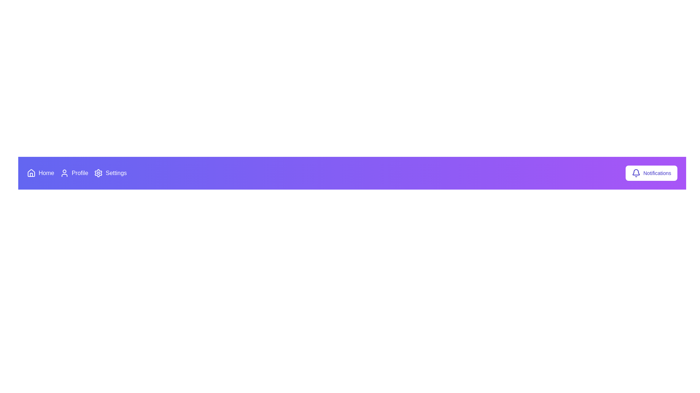 The height and width of the screenshot is (393, 700). I want to click on the gear-shaped icon indicative of settings, so click(98, 173).